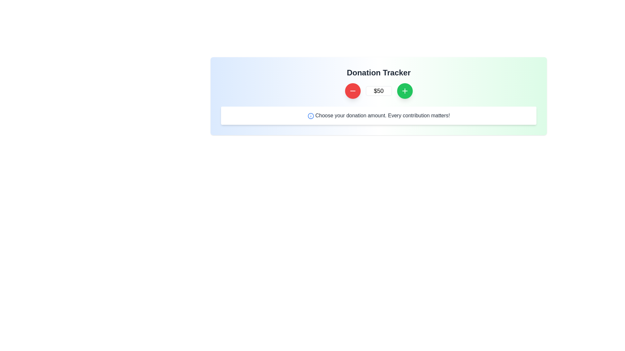 This screenshot has height=351, width=625. Describe the element at coordinates (379, 72) in the screenshot. I see `the 'Donation Tracker' text label, which serves as the title indicating the purpose of the interface, located centrally at the top of the section` at that location.